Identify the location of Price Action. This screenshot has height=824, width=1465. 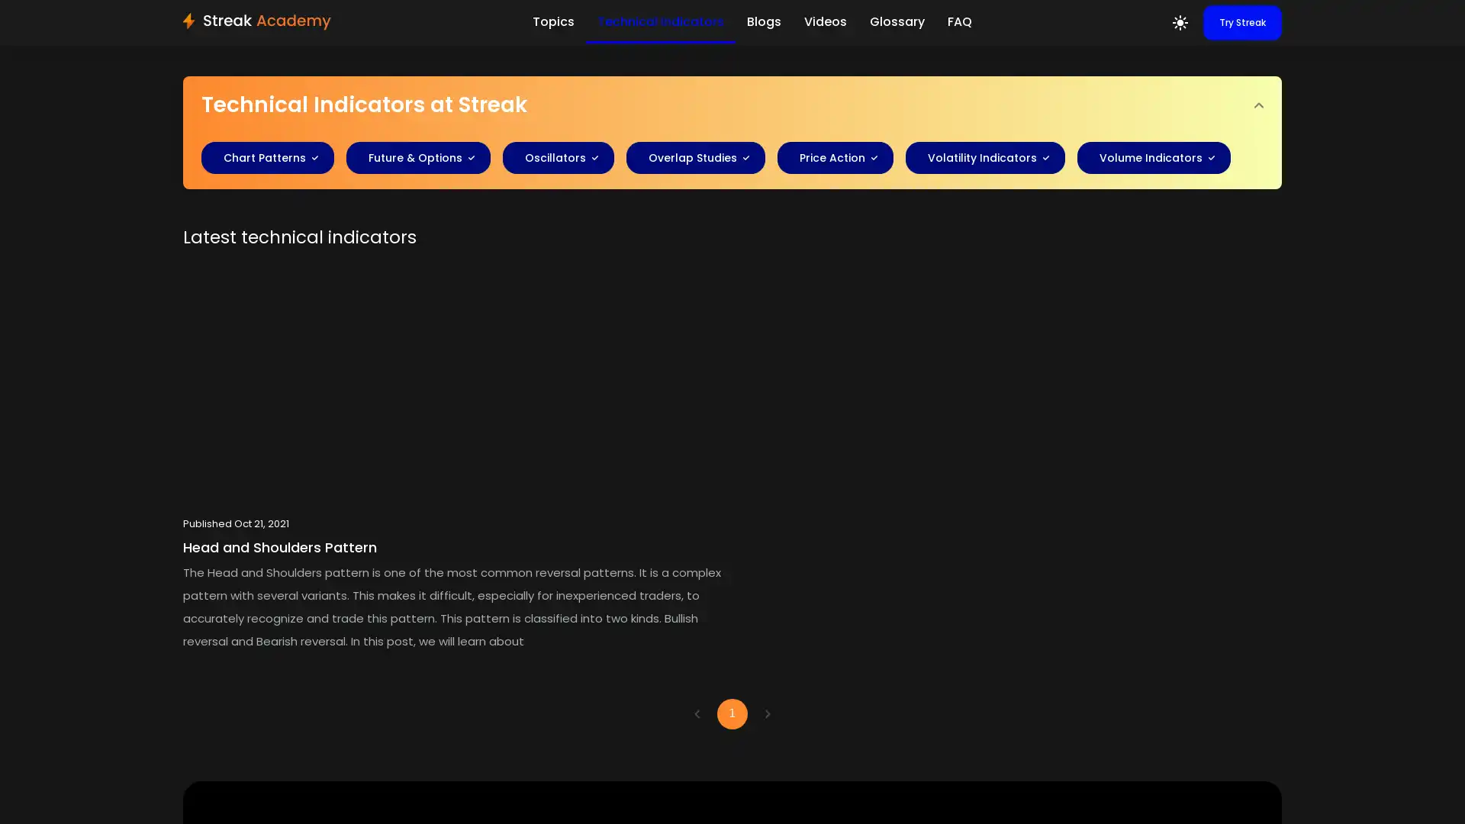
(829, 158).